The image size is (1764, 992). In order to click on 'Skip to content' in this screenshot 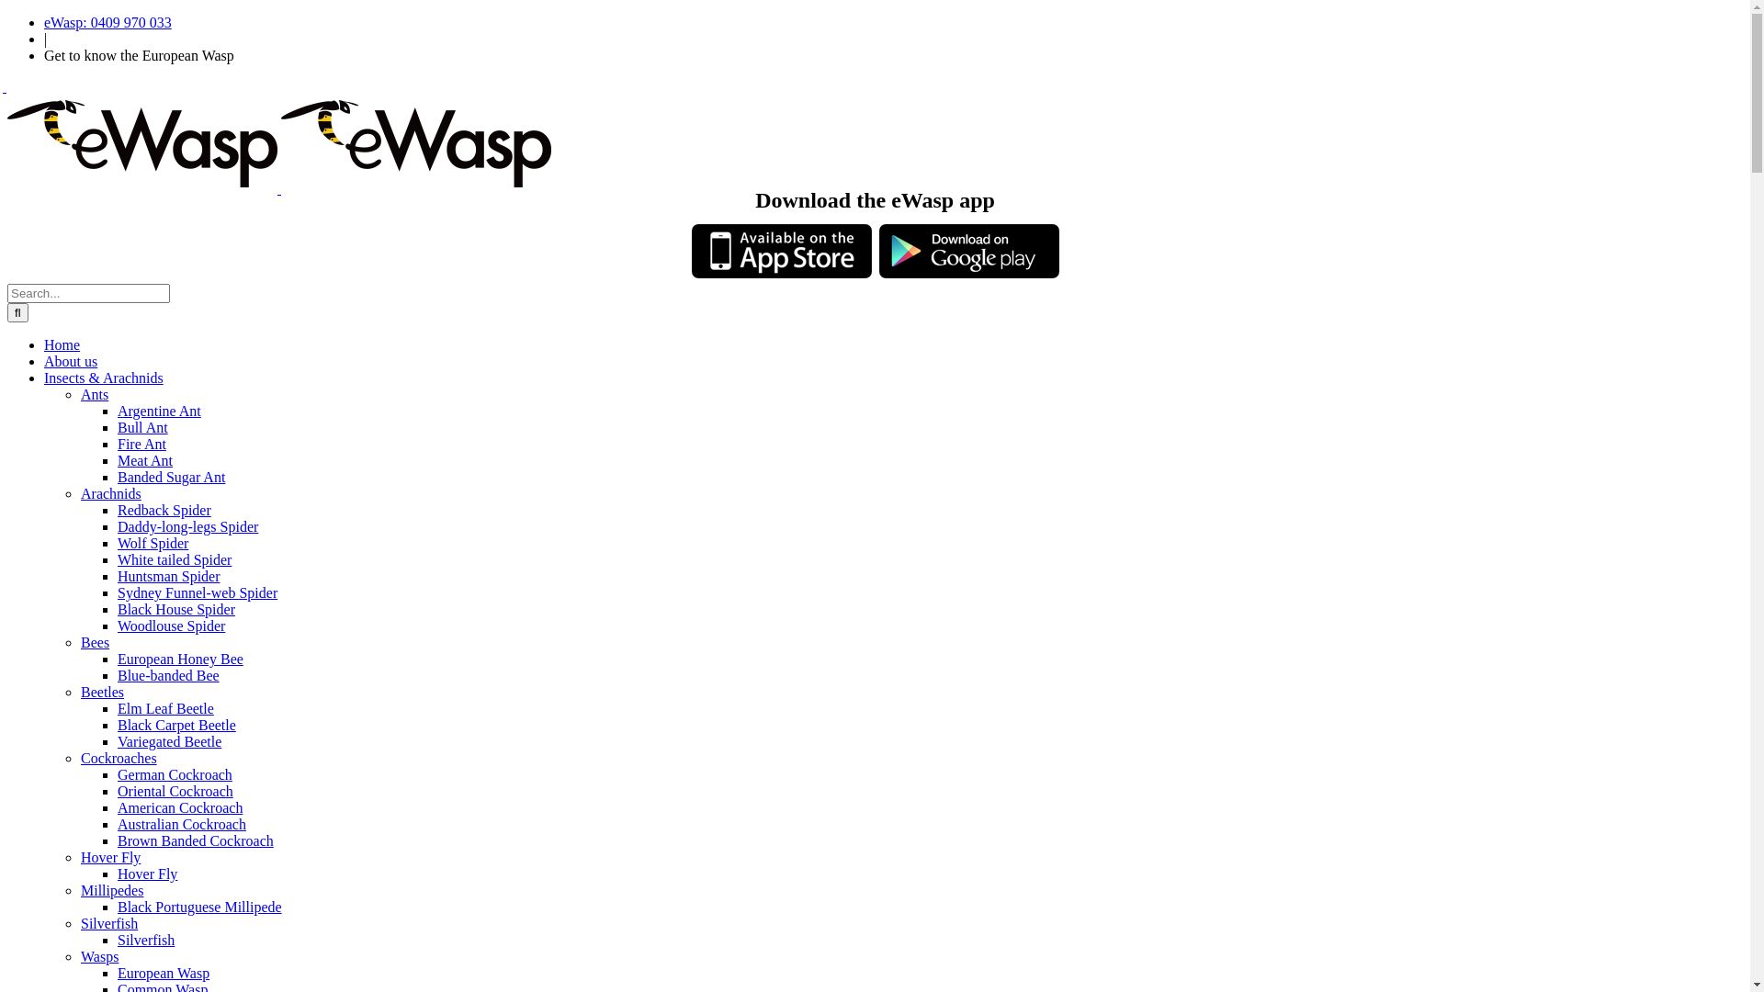, I will do `click(6, 14)`.